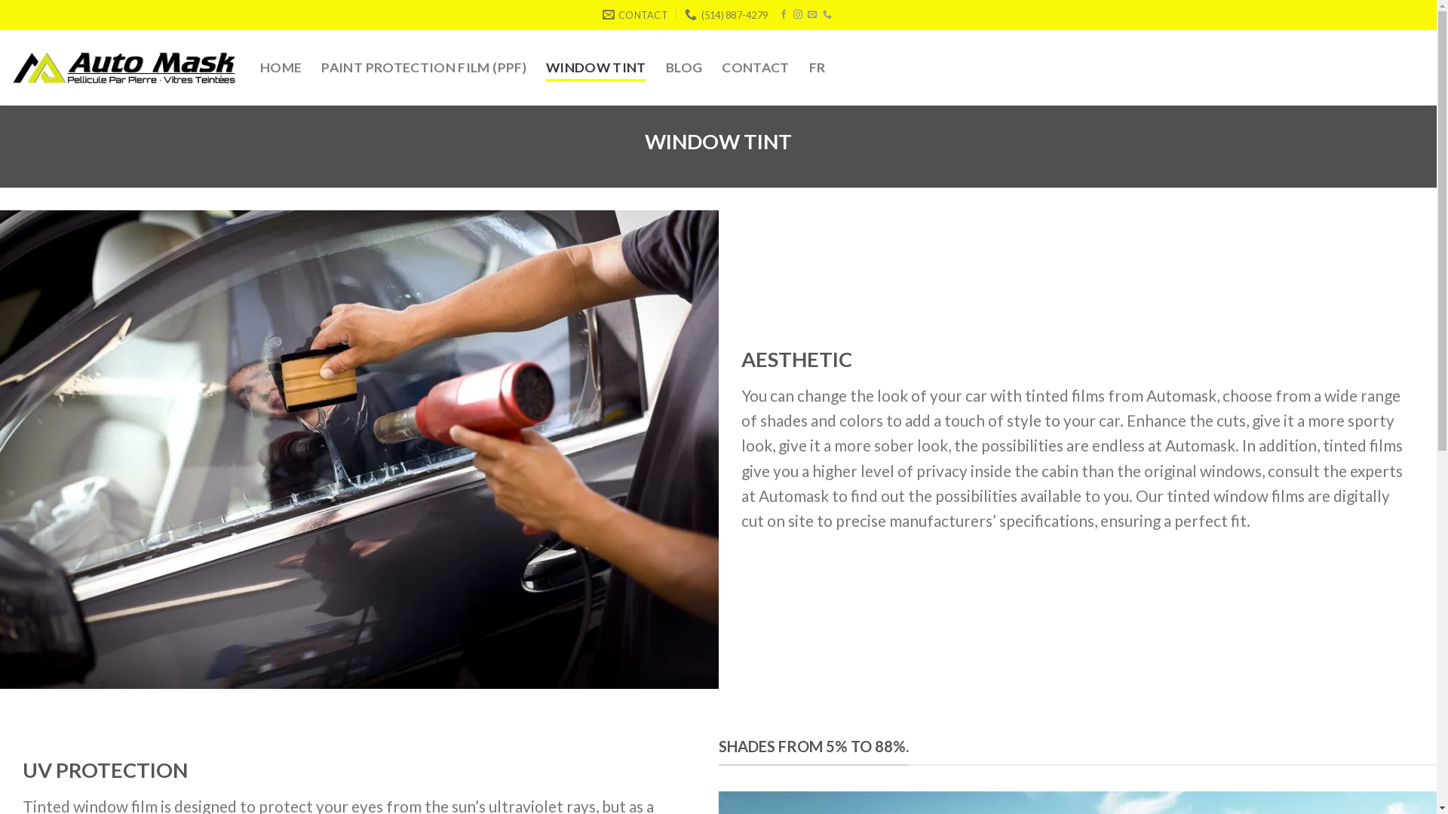 The height and width of the screenshot is (814, 1448). What do you see at coordinates (281, 66) in the screenshot?
I see `'HOME'` at bounding box center [281, 66].